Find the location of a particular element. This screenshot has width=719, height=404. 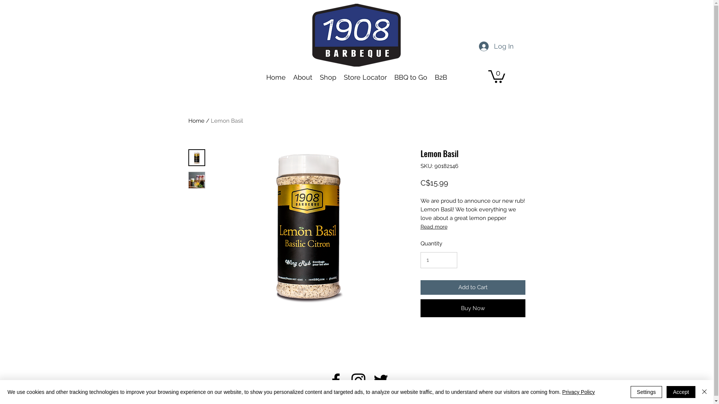

'Lemon Basil' is located at coordinates (226, 120).